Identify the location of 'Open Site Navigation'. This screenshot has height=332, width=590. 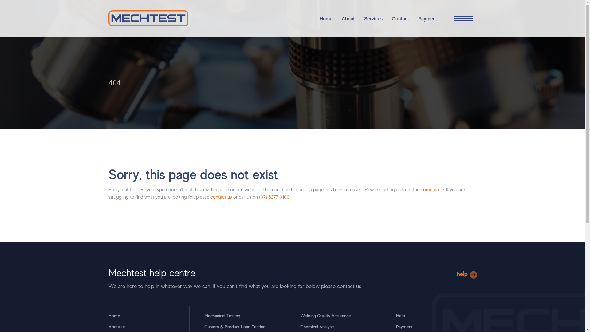
(462, 18).